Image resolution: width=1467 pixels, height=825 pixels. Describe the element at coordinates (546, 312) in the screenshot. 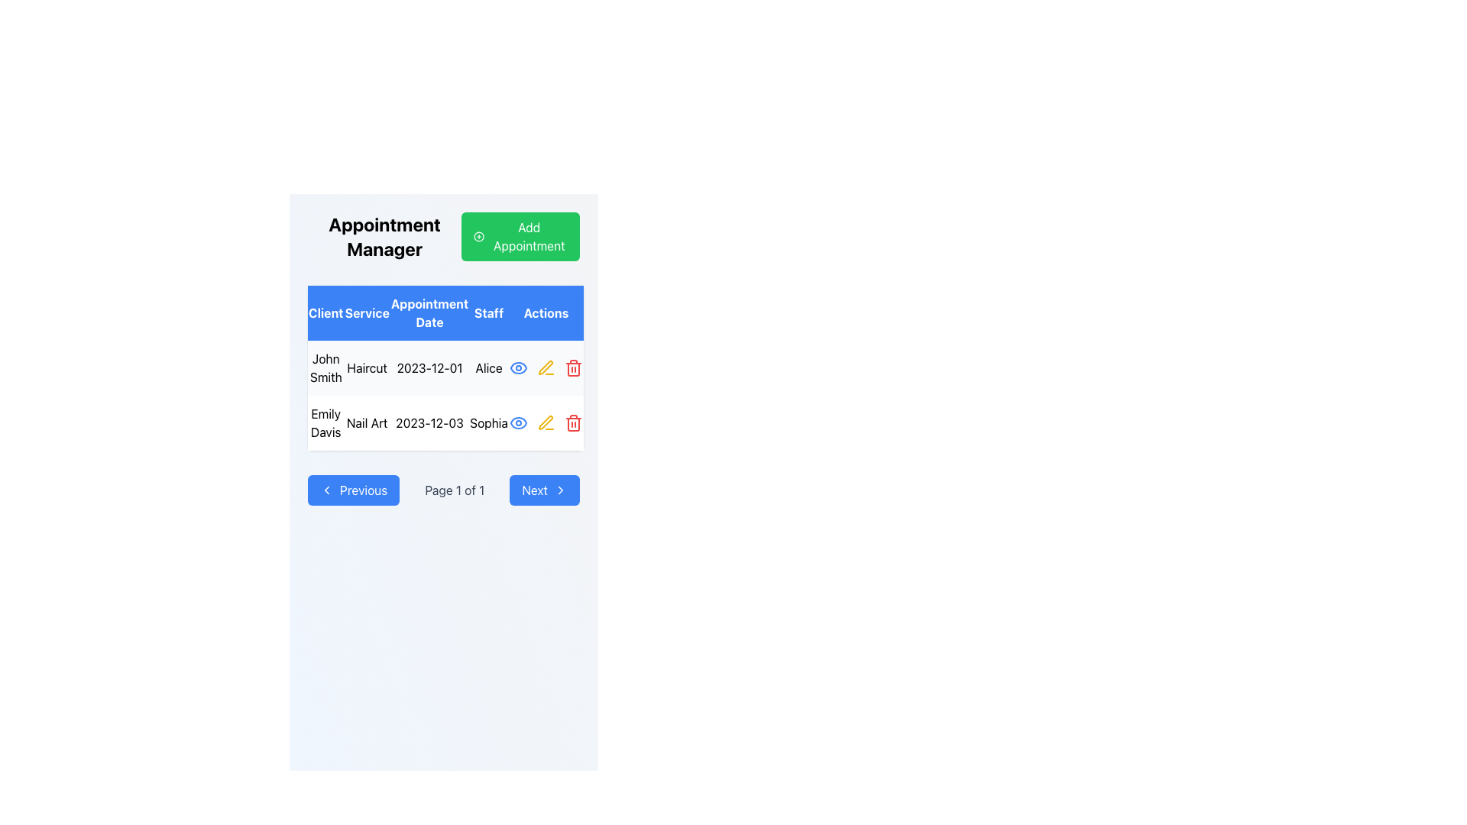

I see `text label located in the top-right corner of the table header row, which is the fifth column indicating action options for the table rows` at that location.